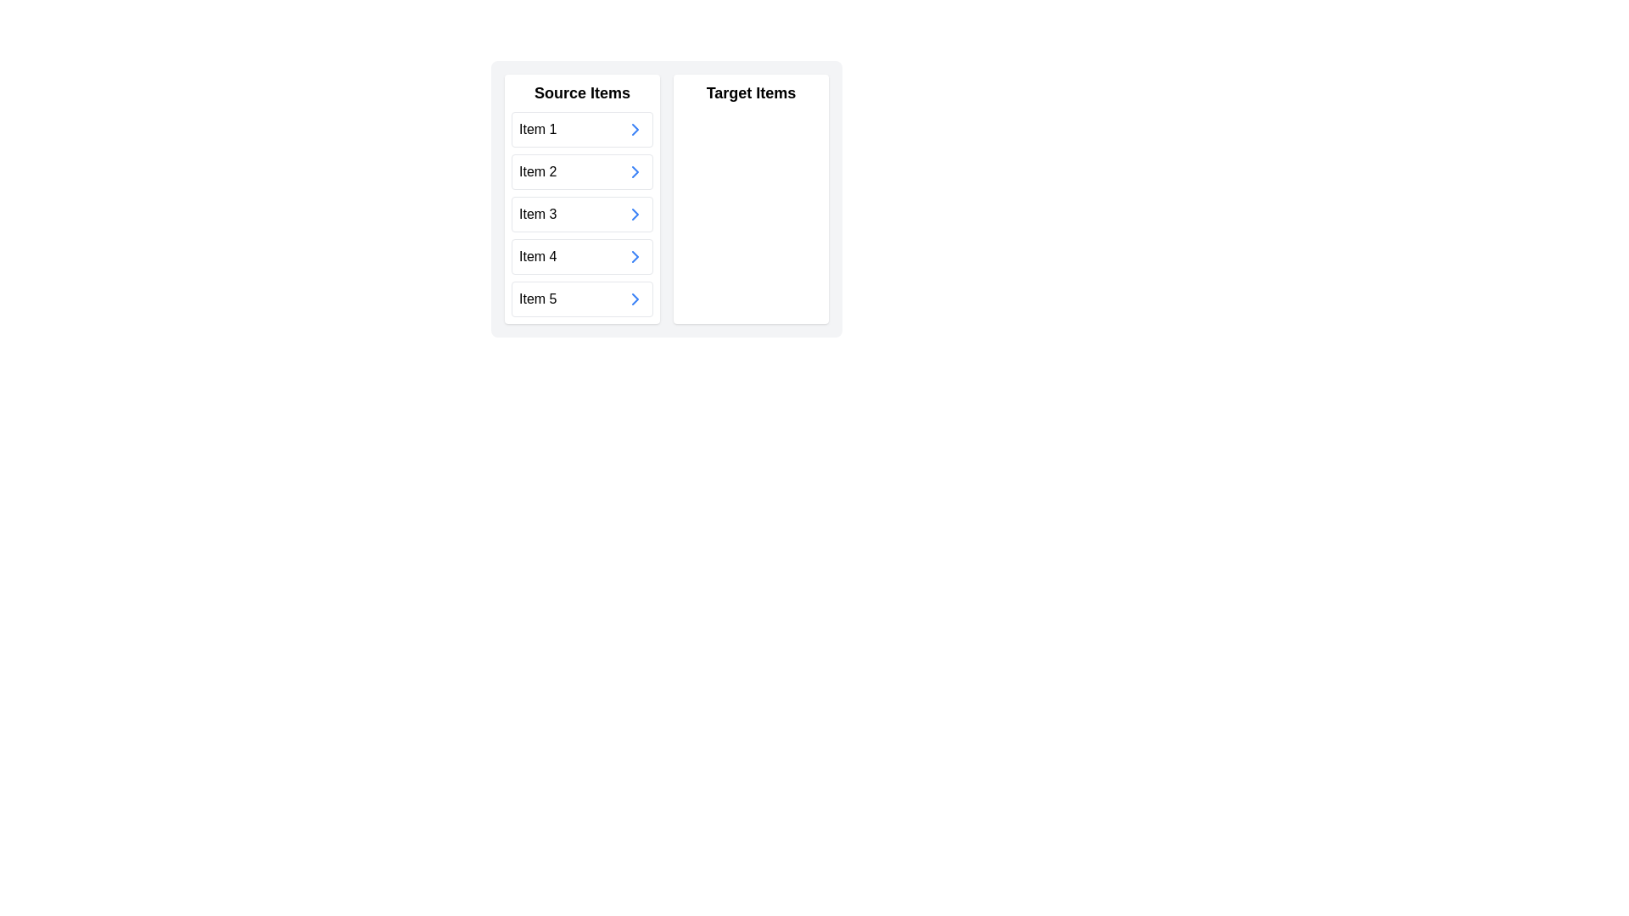 This screenshot has width=1629, height=916. I want to click on the chevron icon pointing to the right, which is the rightmost element in the row for 'Item 5' in the 'Source Items' list, so click(634, 299).